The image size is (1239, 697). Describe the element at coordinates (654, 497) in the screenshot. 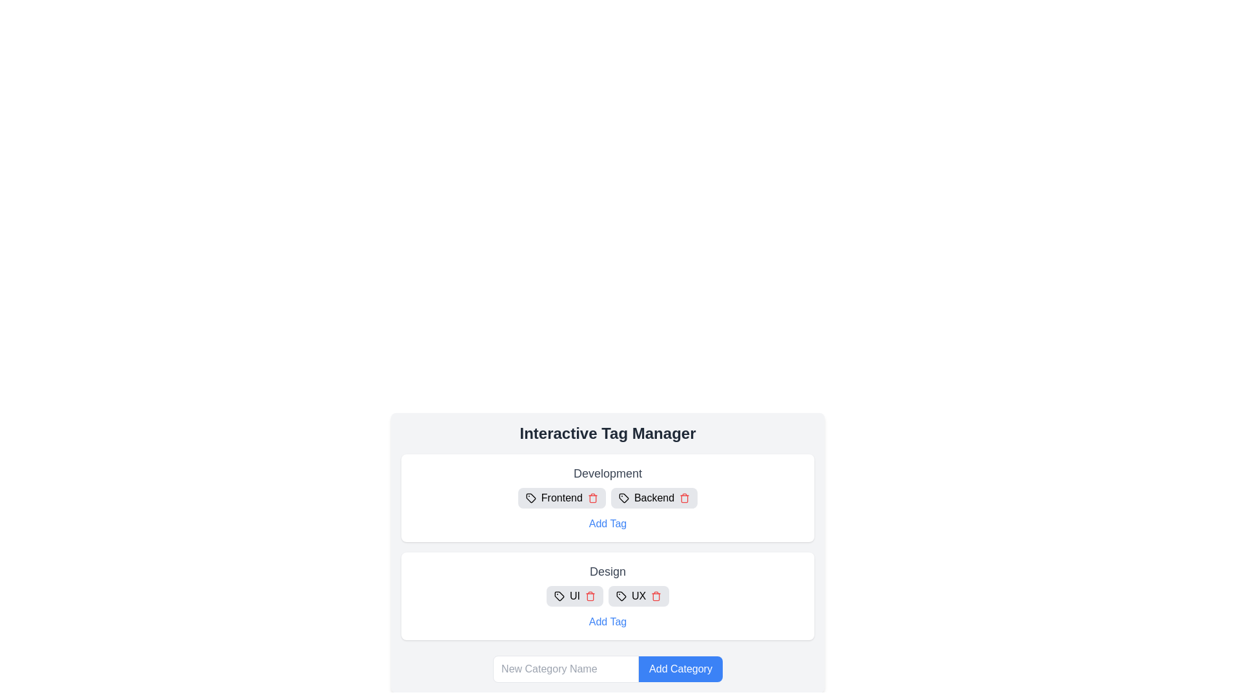

I see `the 'Backend' tag element located in the 'Development' section of the 'Interactive Tag Manager' interface` at that location.